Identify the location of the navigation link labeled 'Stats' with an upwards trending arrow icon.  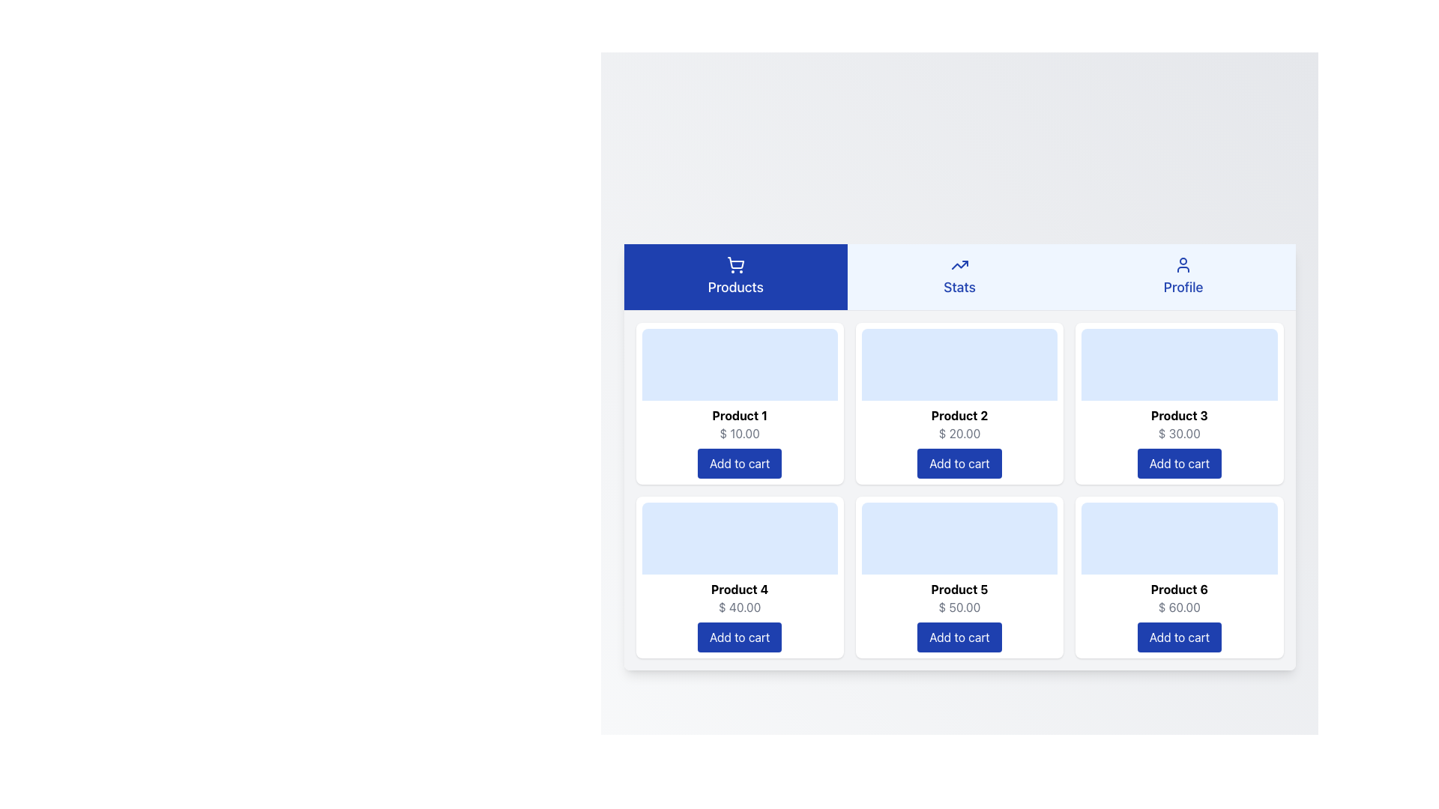
(959, 276).